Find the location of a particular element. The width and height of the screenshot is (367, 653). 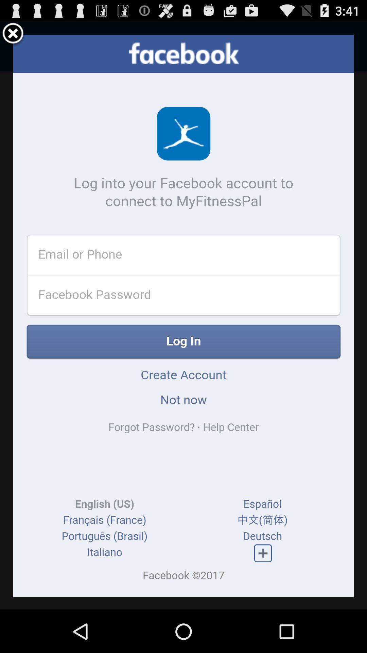

page is located at coordinates (13, 34).